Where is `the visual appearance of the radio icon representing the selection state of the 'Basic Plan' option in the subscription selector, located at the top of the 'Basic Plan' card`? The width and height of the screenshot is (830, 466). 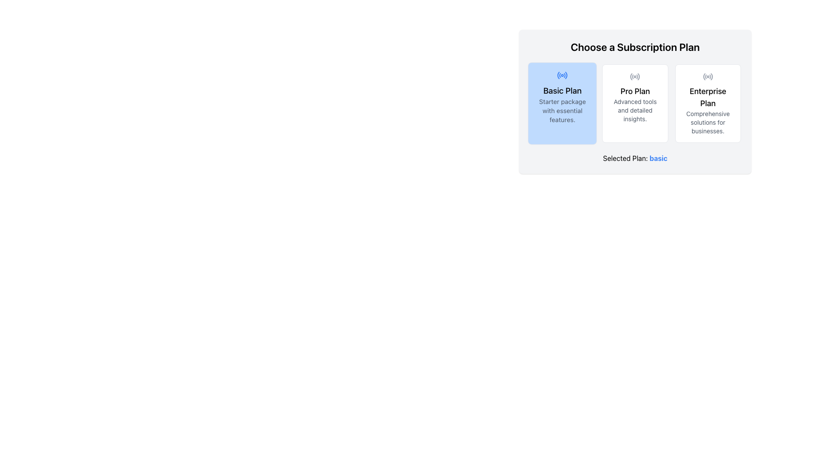 the visual appearance of the radio icon representing the selection state of the 'Basic Plan' option in the subscription selector, located at the top of the 'Basic Plan' card is located at coordinates (562, 75).